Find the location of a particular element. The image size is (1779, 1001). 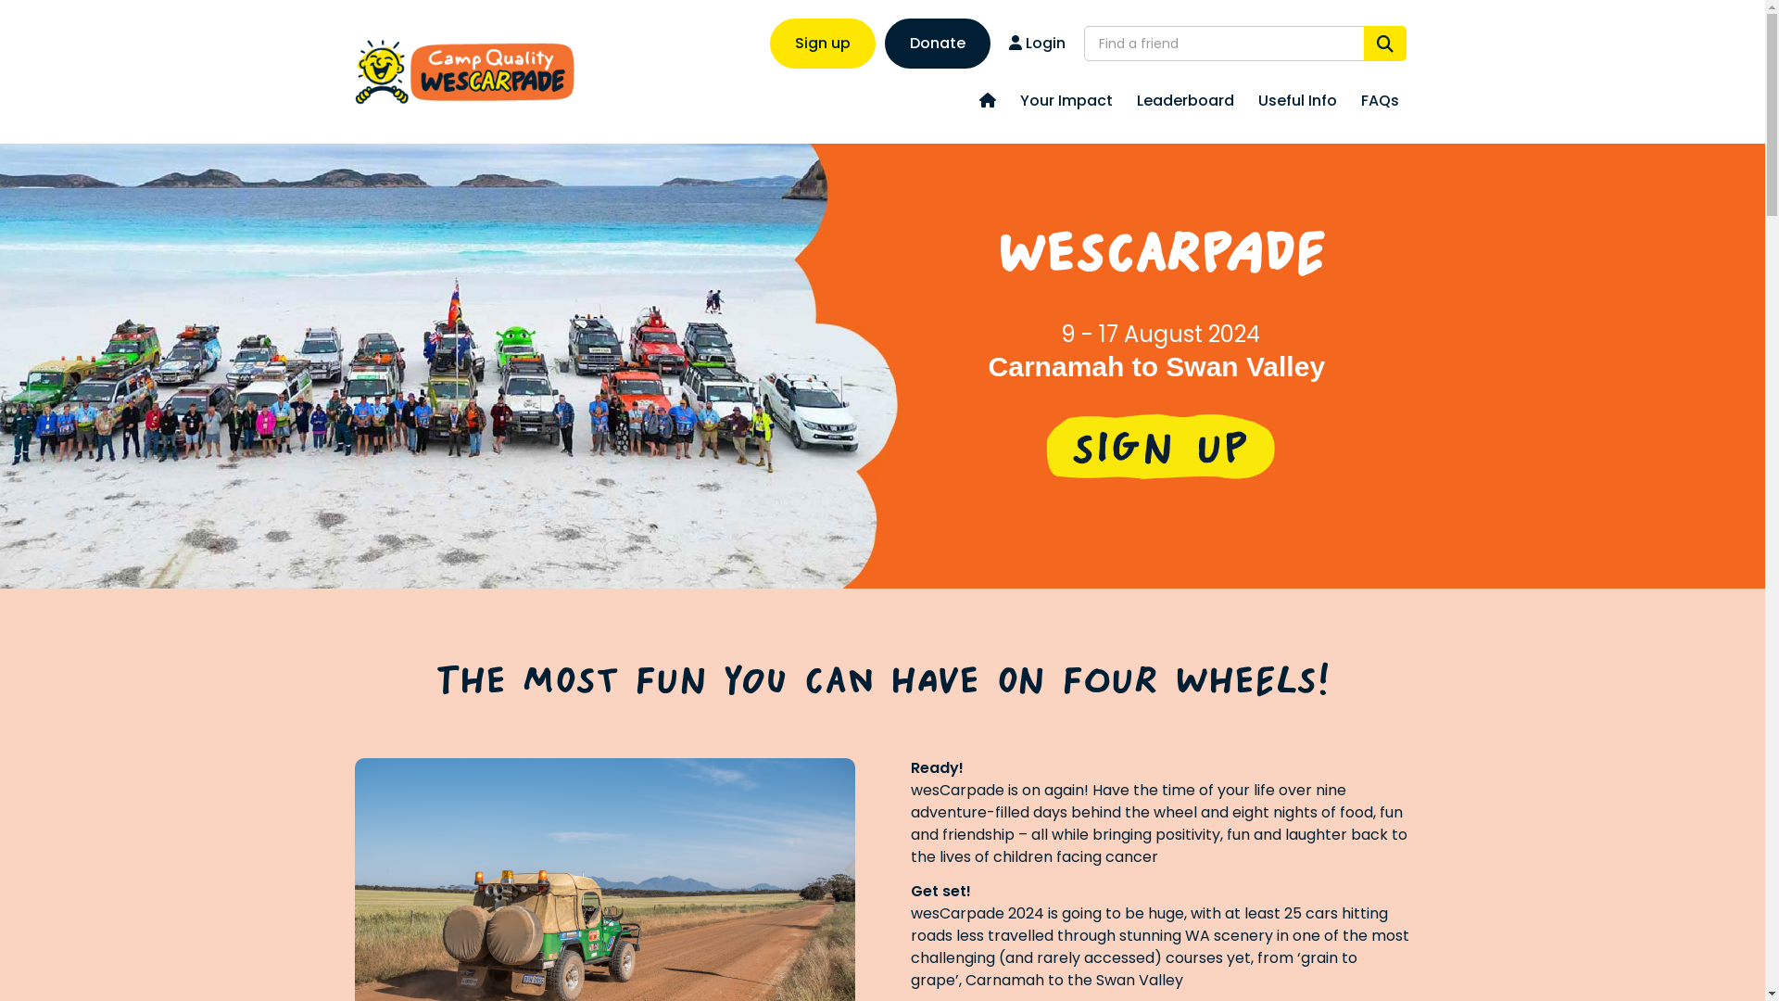

'Useful Info' is located at coordinates (1295, 101).